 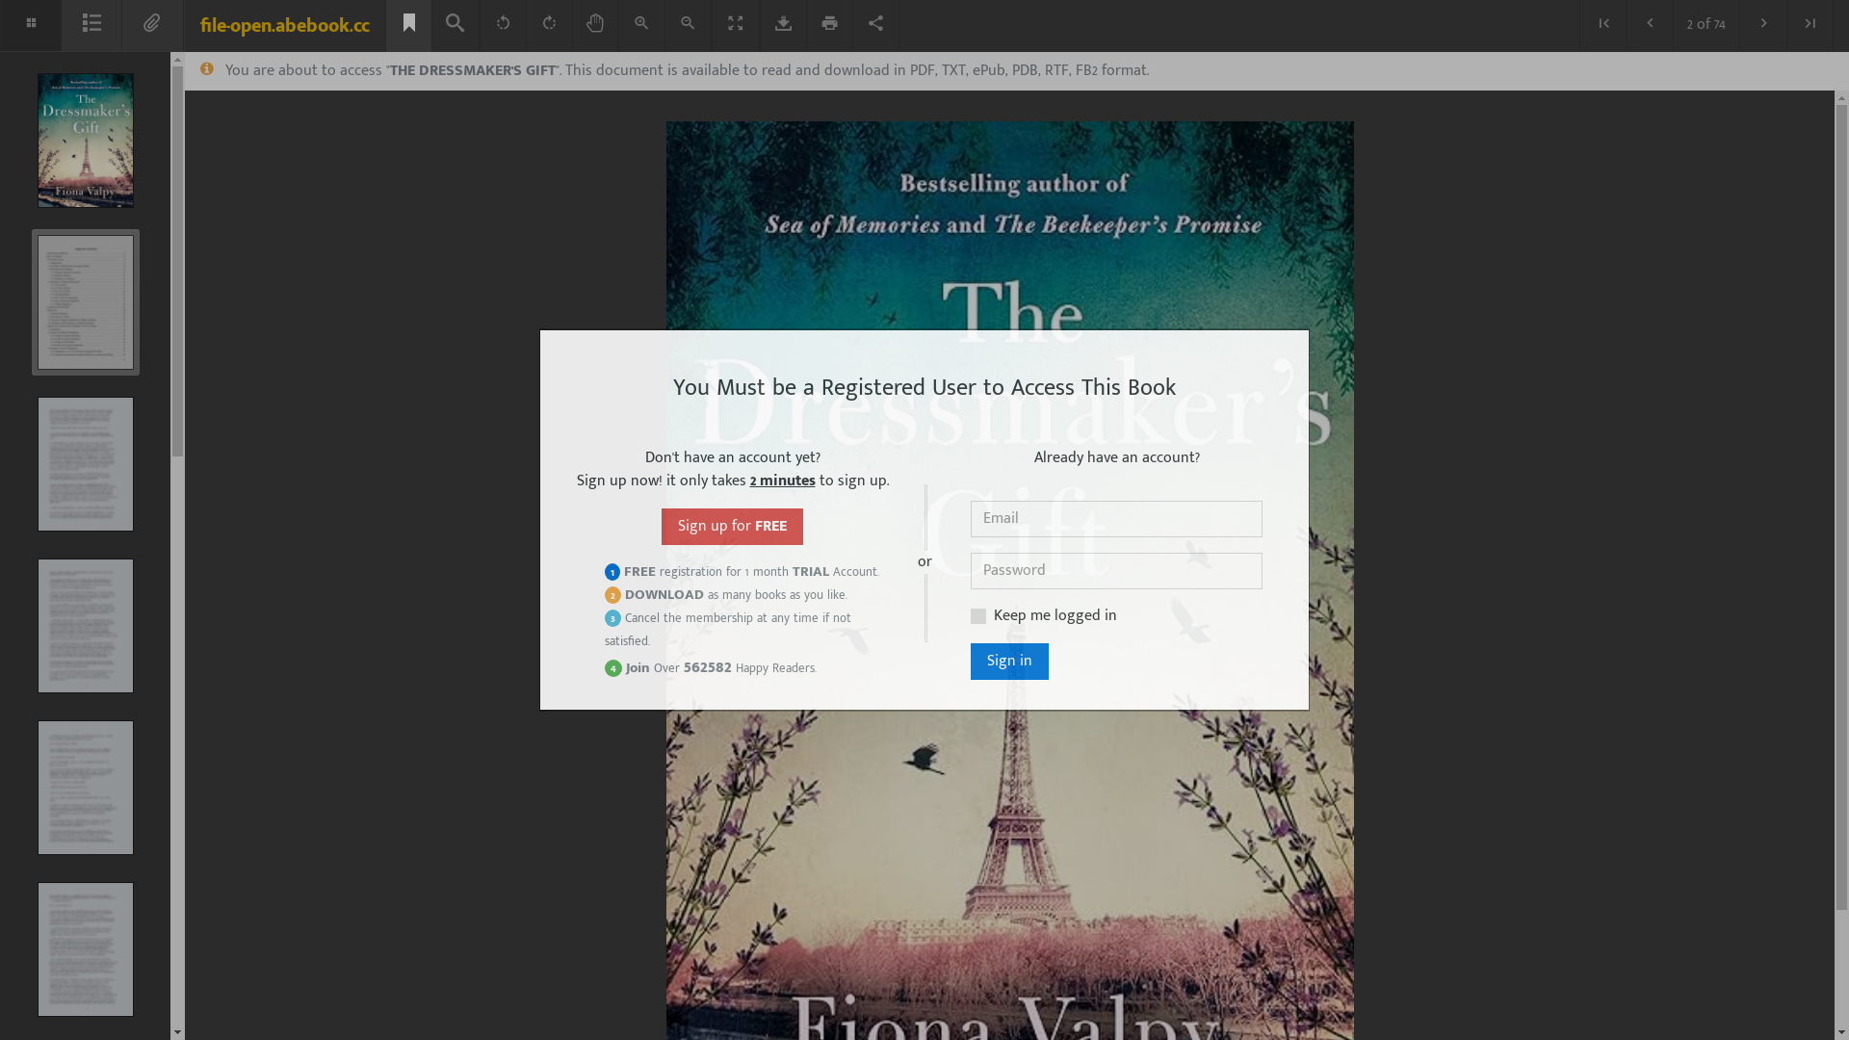 What do you see at coordinates (1008, 660) in the screenshot?
I see `'Sign in'` at bounding box center [1008, 660].